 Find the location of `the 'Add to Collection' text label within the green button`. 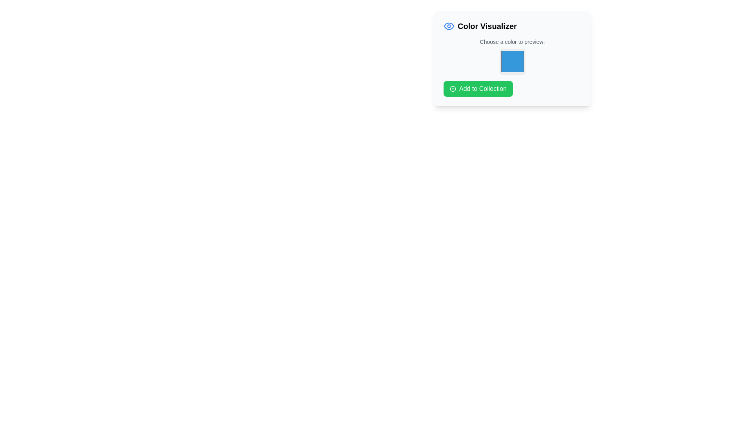

the 'Add to Collection' text label within the green button is located at coordinates (482, 89).